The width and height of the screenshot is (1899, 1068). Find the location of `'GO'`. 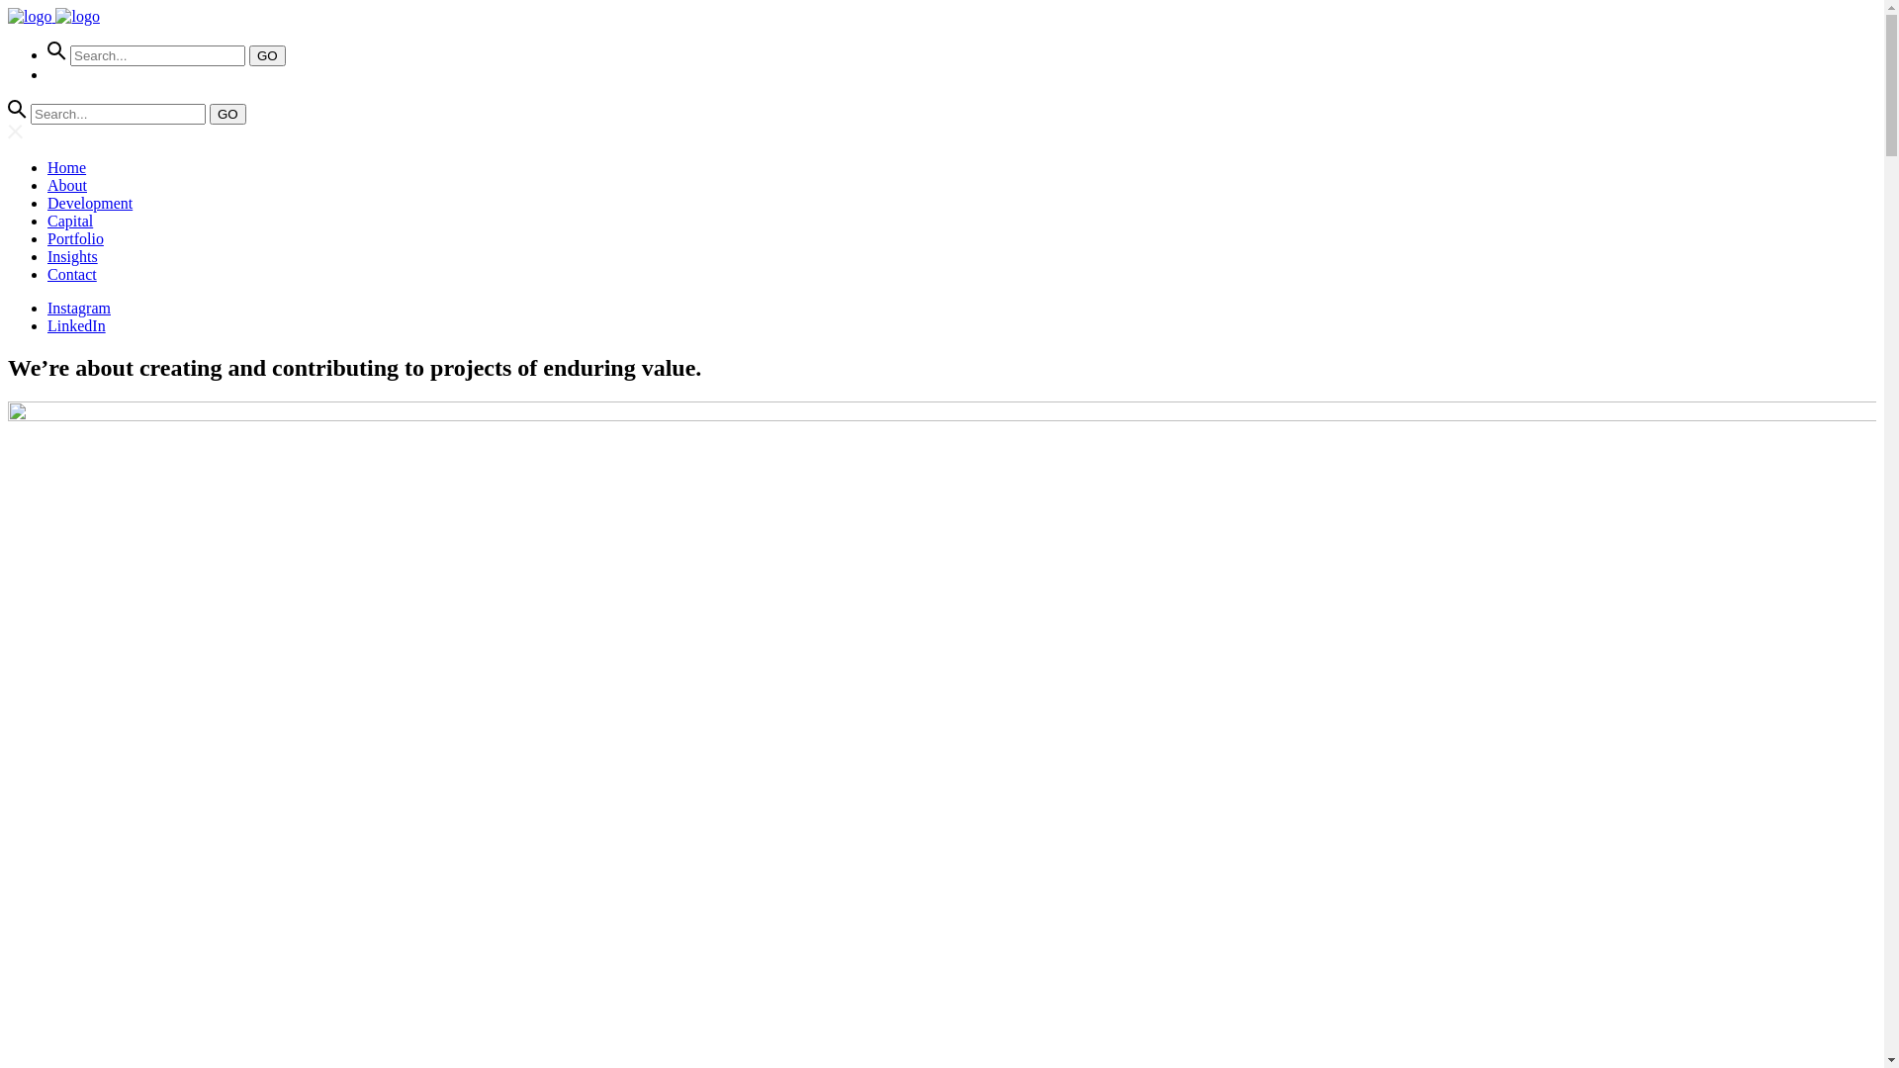

'GO' is located at coordinates (227, 114).